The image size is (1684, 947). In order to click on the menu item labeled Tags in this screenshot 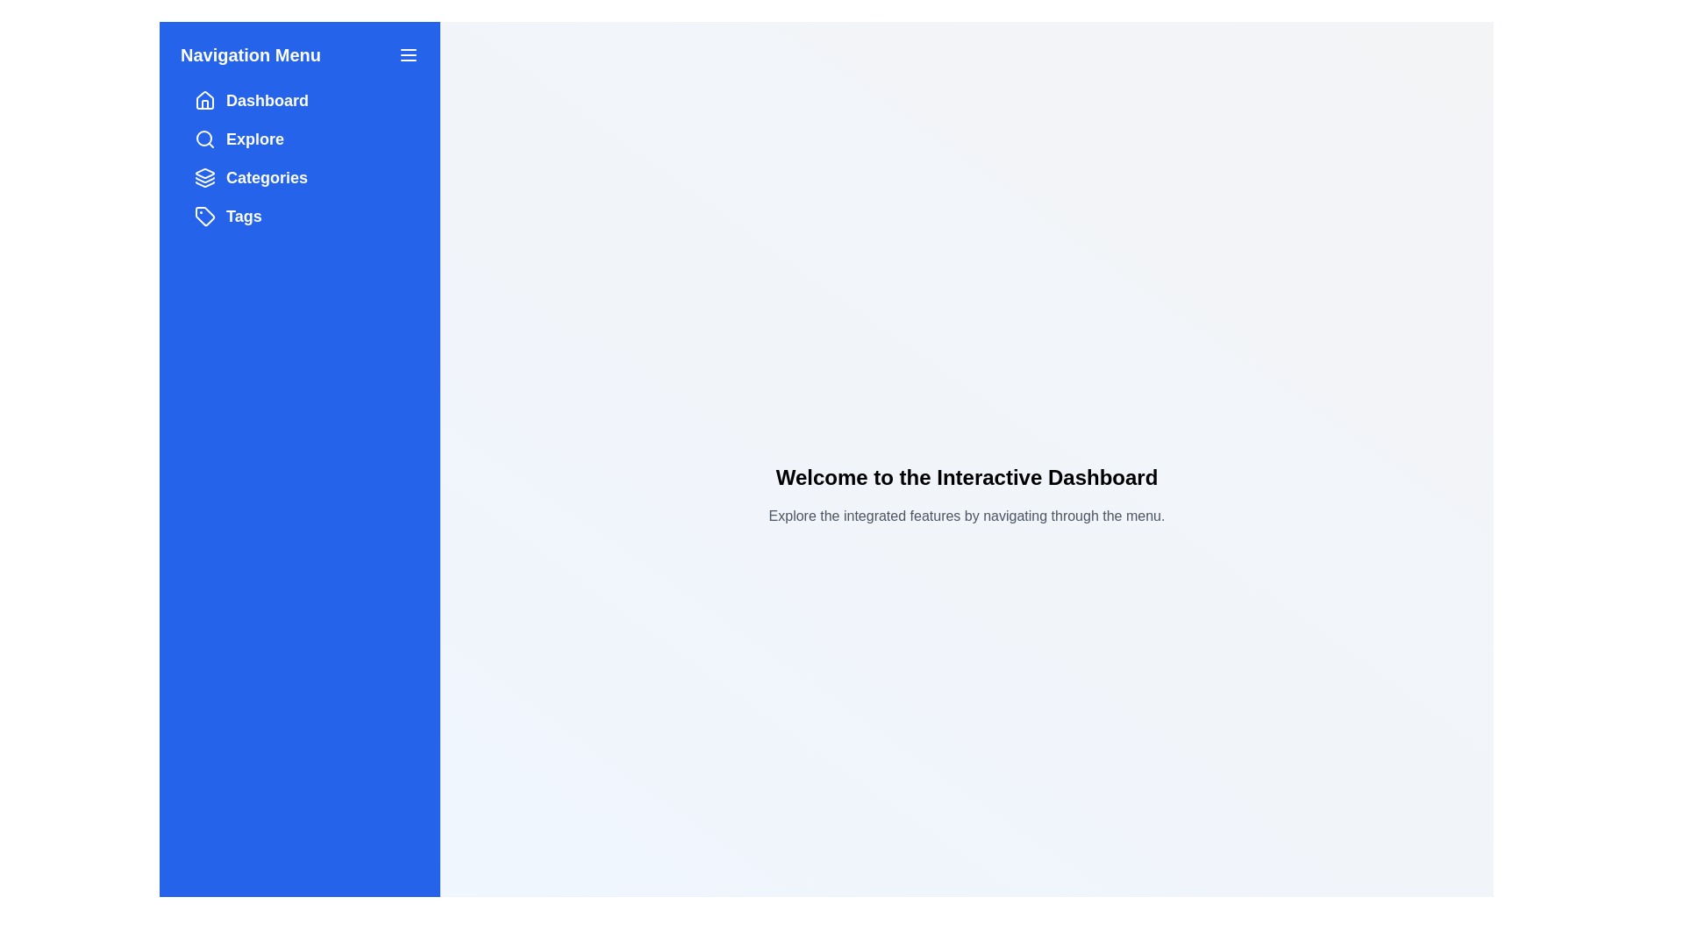, I will do `click(299, 215)`.